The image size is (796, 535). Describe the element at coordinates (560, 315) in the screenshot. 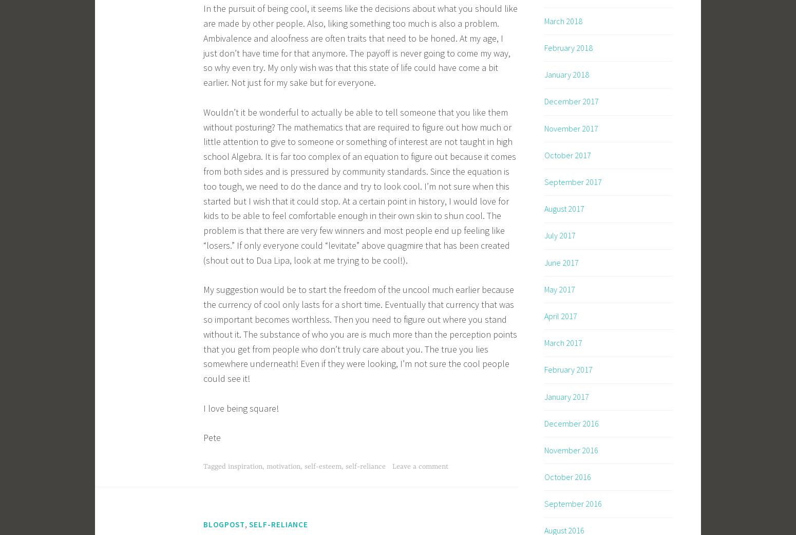

I see `'April 2017'` at that location.